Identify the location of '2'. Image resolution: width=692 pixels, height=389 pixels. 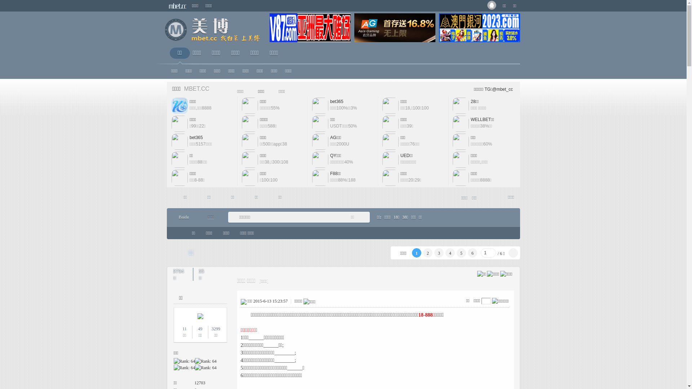
(427, 252).